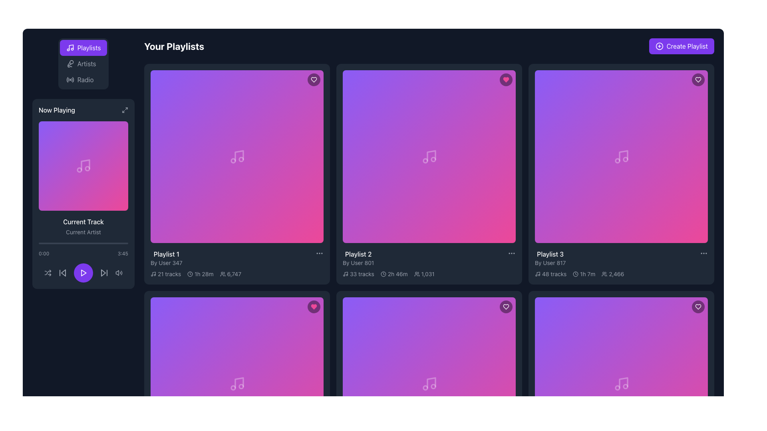 The width and height of the screenshot is (767, 431). What do you see at coordinates (429, 156) in the screenshot?
I see `the music icon, which is represented as a white musical note on a gradient background, located in the second playlist card of the 'Your Playlists' section` at bounding box center [429, 156].